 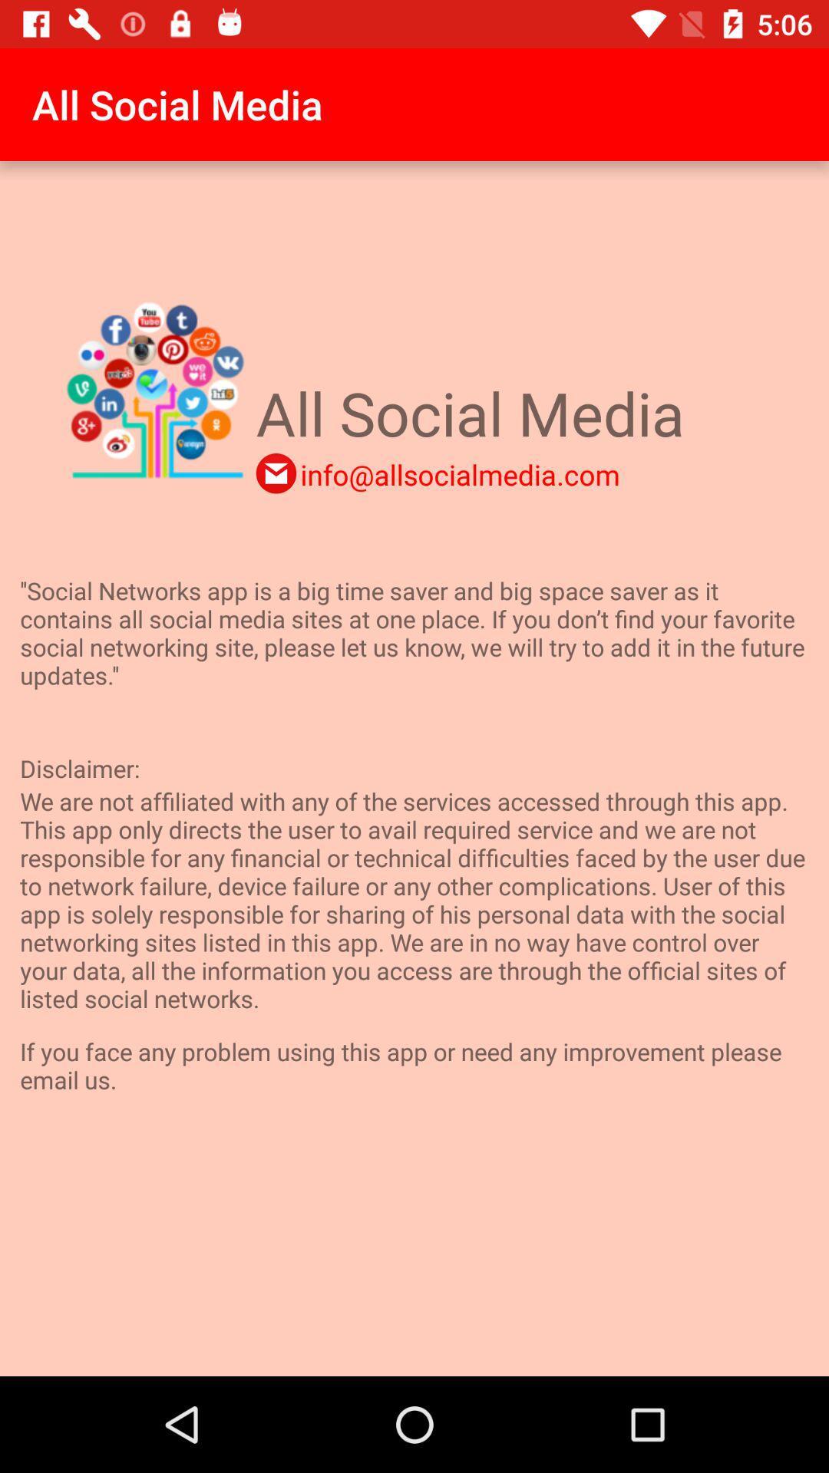 I want to click on the icon above social networks app, so click(x=459, y=473).